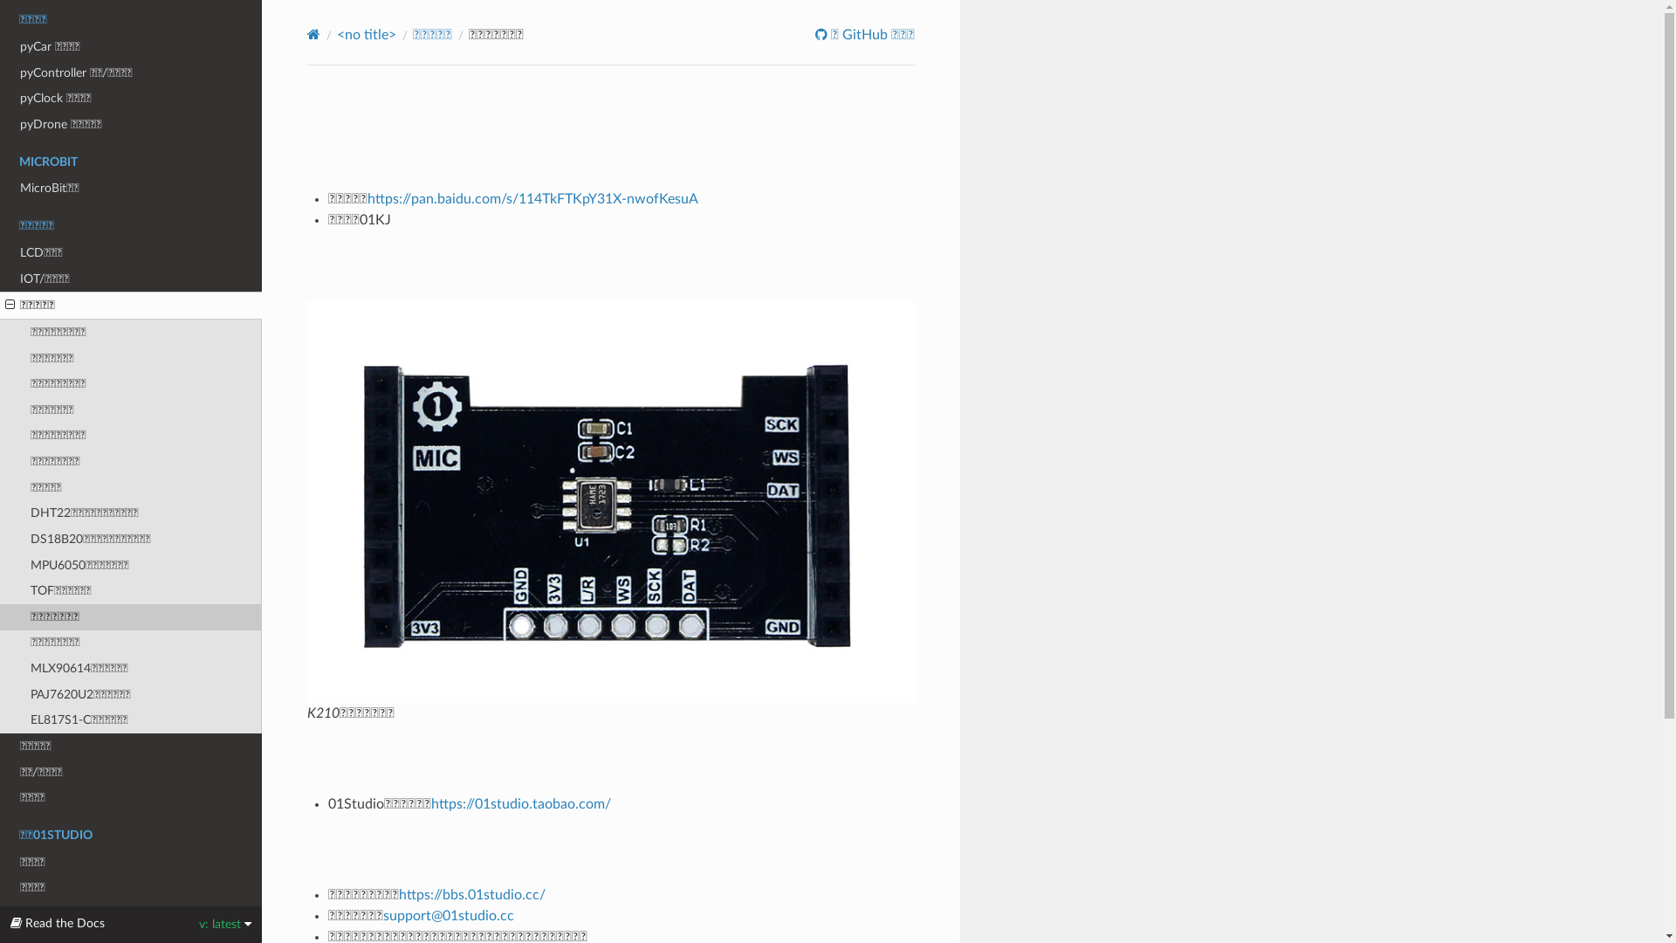  Describe the element at coordinates (10, 305) in the screenshot. I see `'Open/close menu'` at that location.